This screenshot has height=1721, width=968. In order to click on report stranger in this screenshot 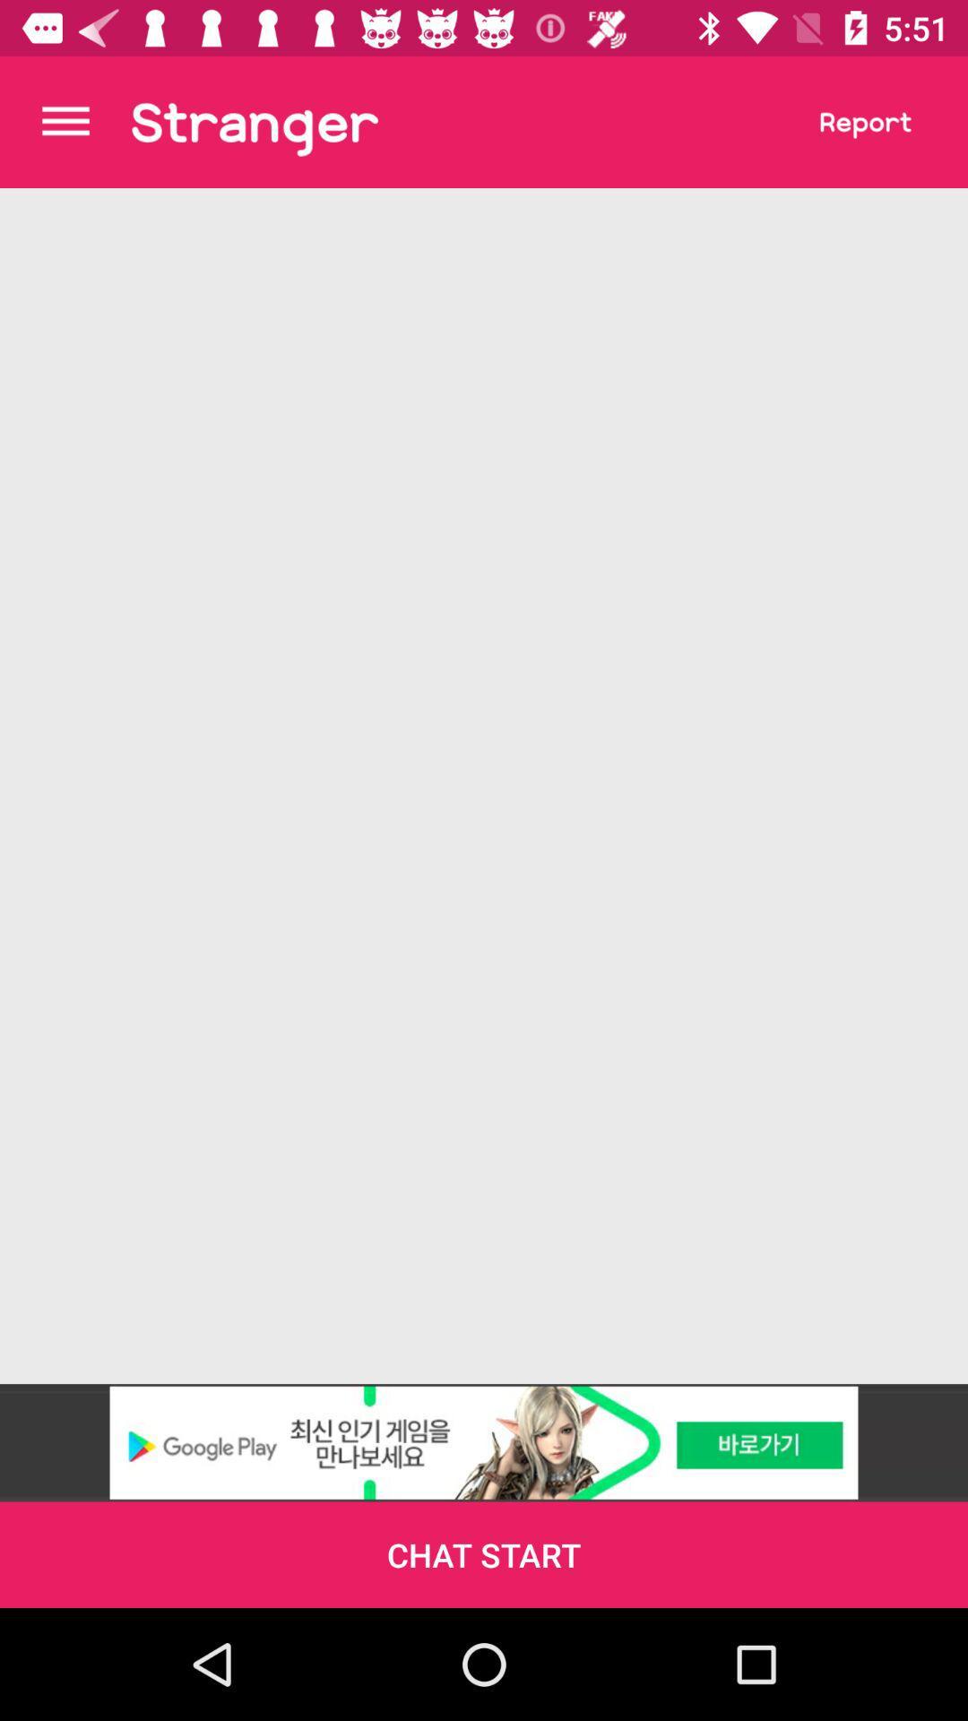, I will do `click(865, 121)`.